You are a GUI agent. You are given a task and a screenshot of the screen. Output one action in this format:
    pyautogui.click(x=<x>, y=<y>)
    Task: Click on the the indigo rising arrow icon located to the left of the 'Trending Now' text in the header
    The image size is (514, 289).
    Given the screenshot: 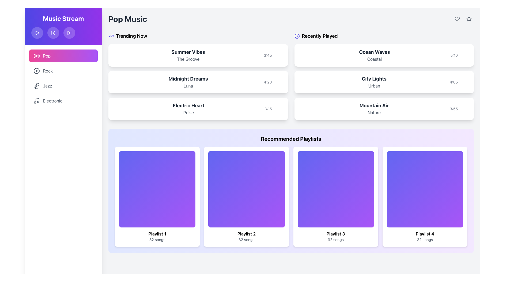 What is the action you would take?
    pyautogui.click(x=111, y=36)
    